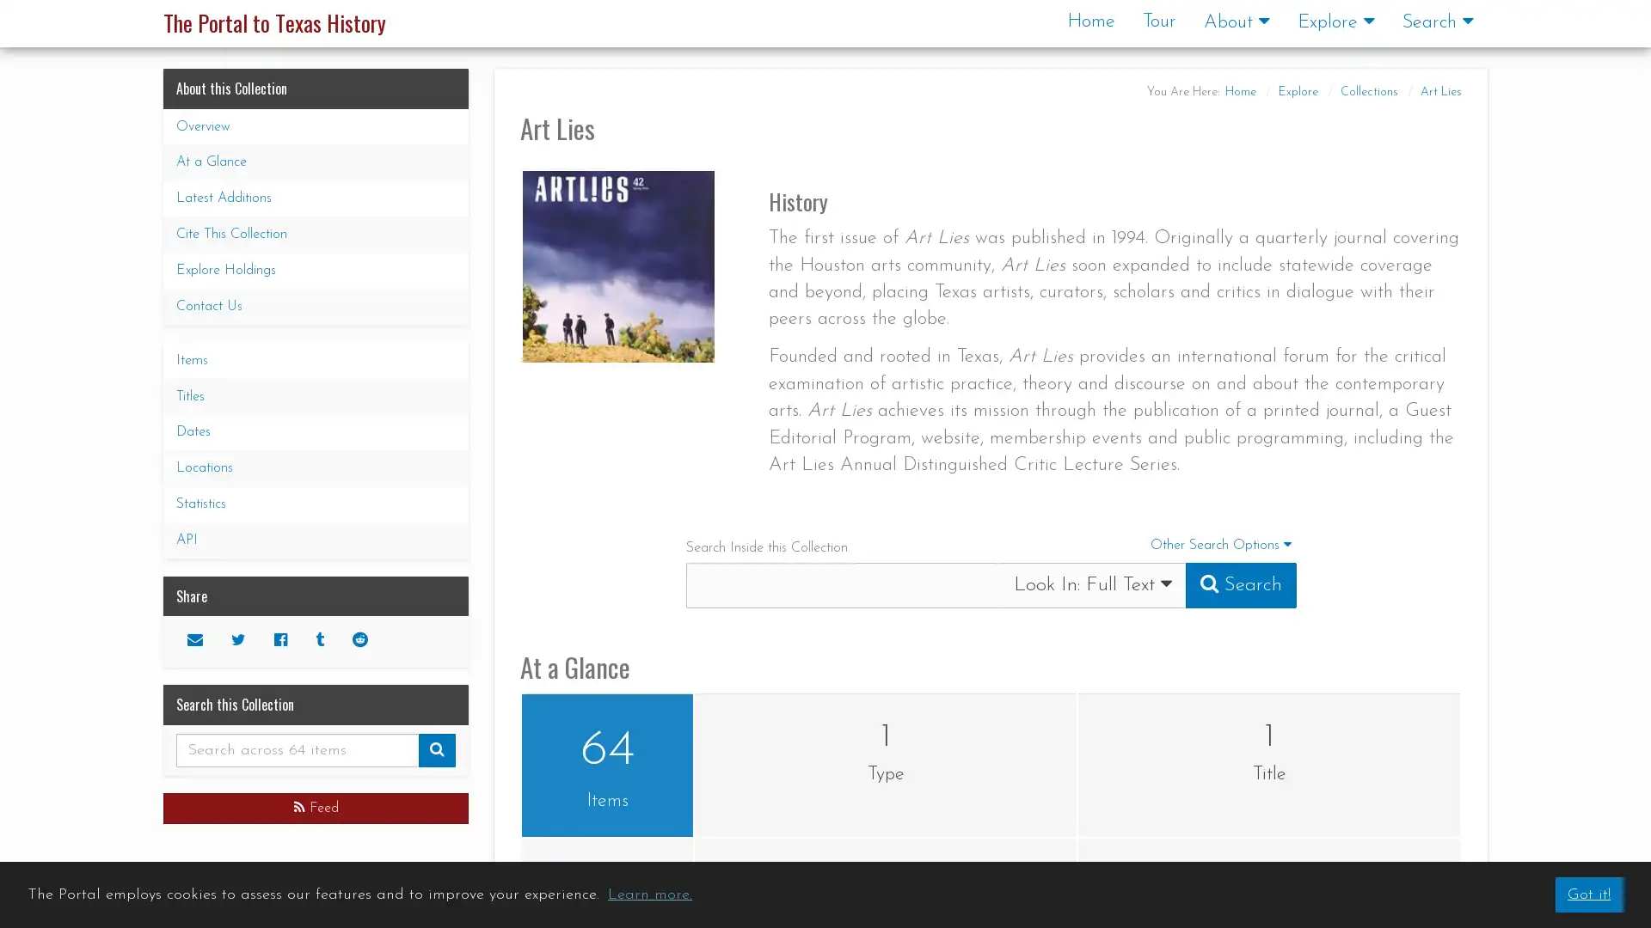  Describe the element at coordinates (359, 642) in the screenshot. I see `Reddit` at that location.